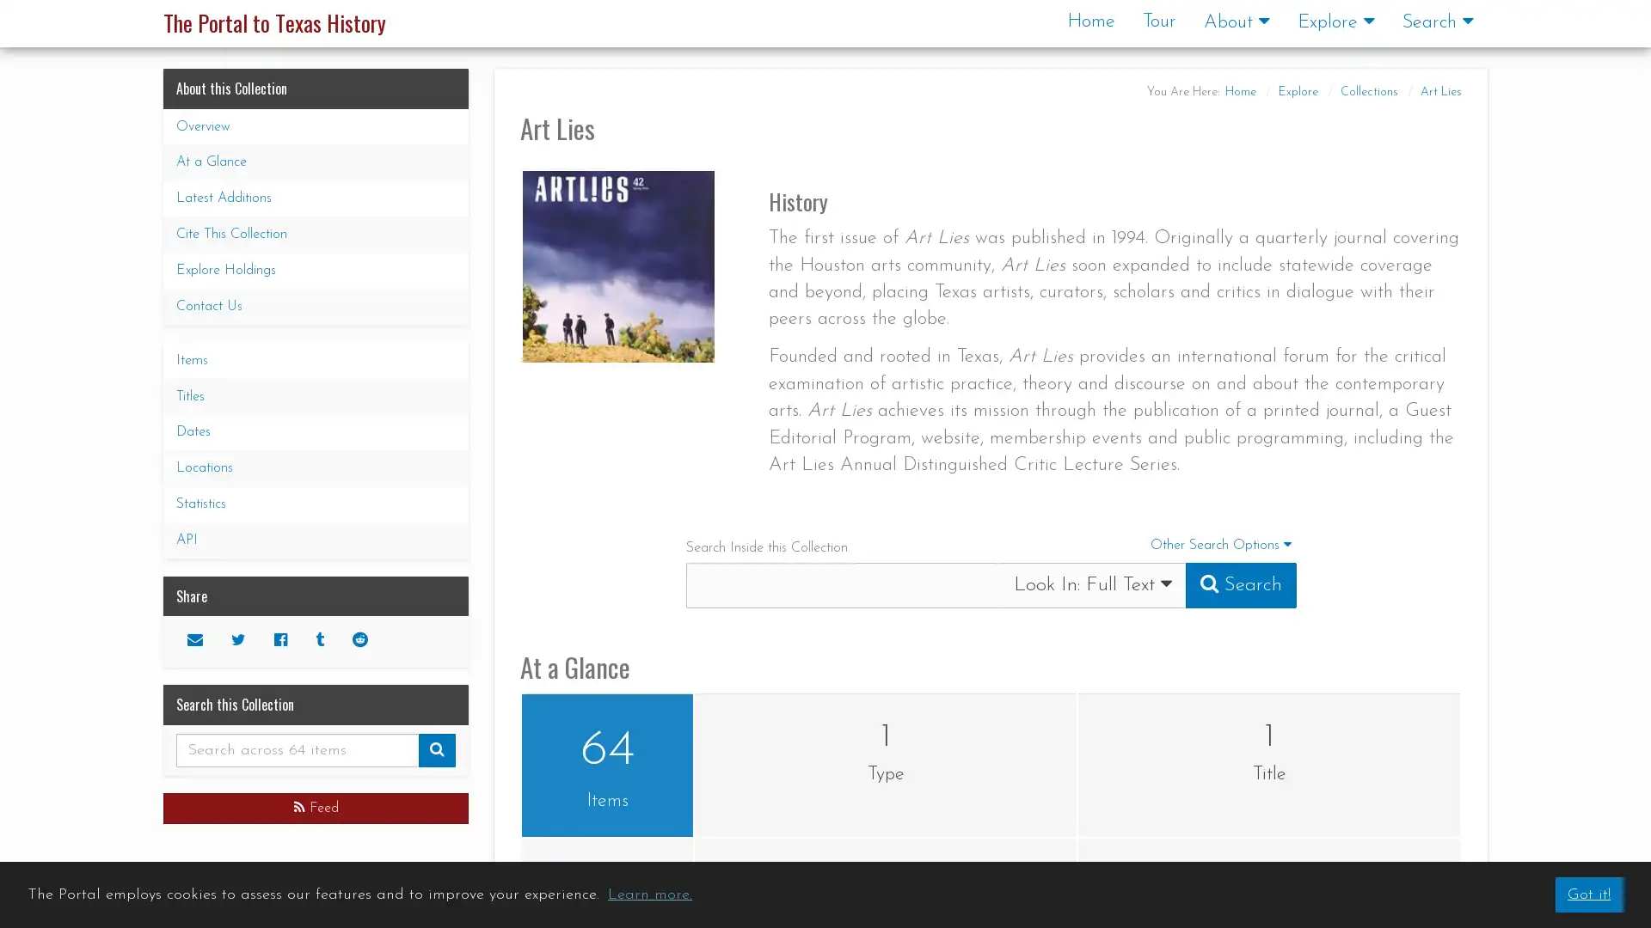  Describe the element at coordinates (359, 642) in the screenshot. I see `Reddit` at that location.